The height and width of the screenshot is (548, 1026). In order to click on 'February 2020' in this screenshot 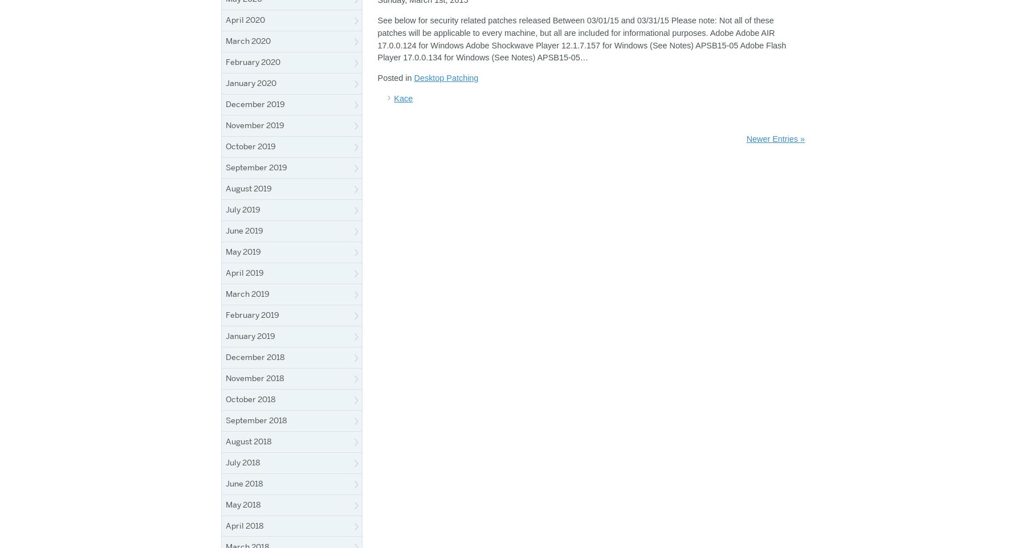, I will do `click(253, 61)`.